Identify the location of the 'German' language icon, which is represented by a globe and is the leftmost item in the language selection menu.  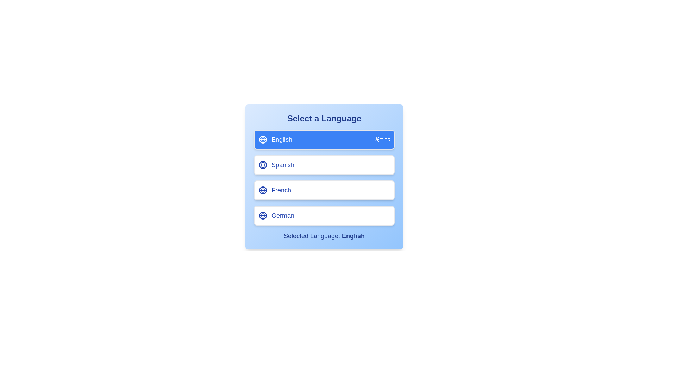
(263, 215).